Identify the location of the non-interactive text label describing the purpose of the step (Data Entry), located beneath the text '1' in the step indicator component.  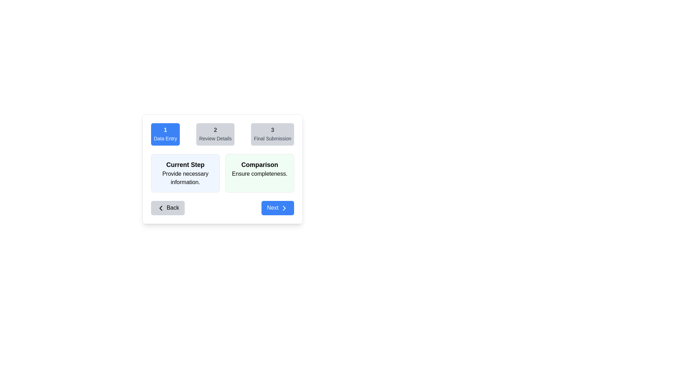
(165, 139).